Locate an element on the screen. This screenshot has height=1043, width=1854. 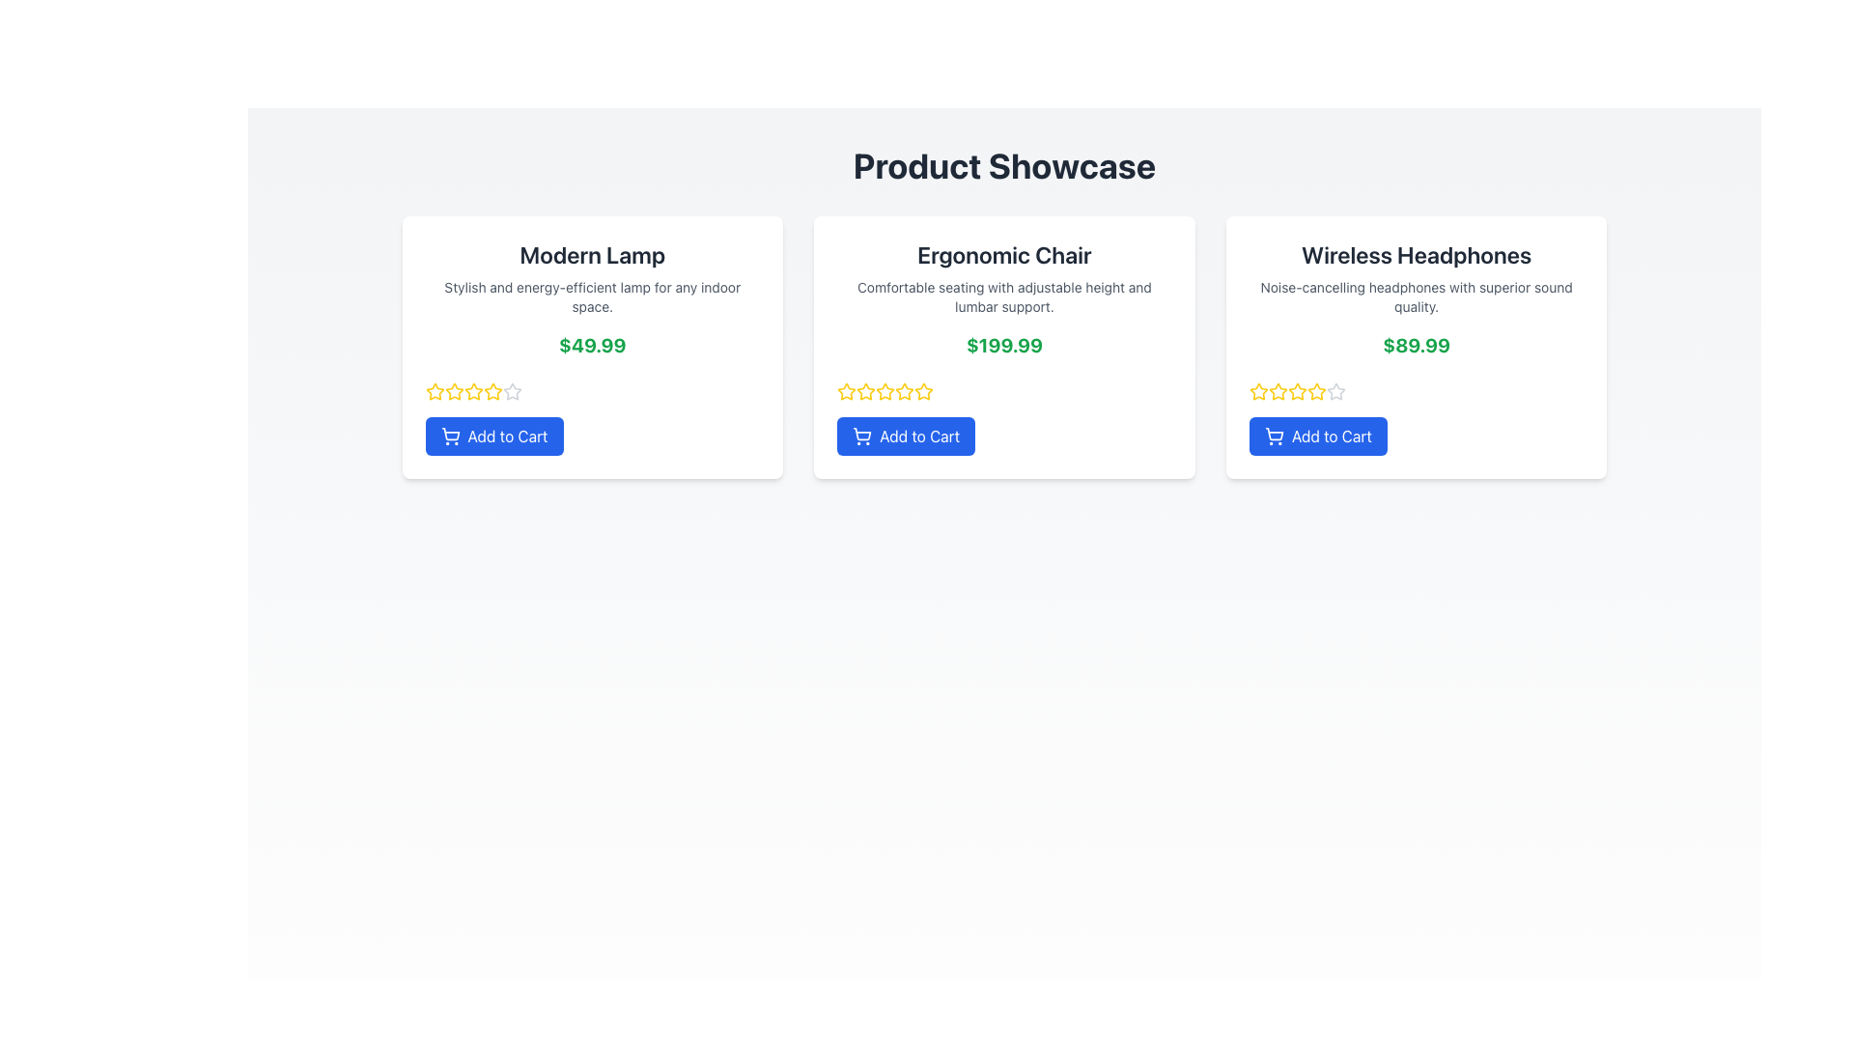
the third star icon representing the rating for the 'Ergonomic Chair' product located in the center of the row of product cards is located at coordinates (865, 391).